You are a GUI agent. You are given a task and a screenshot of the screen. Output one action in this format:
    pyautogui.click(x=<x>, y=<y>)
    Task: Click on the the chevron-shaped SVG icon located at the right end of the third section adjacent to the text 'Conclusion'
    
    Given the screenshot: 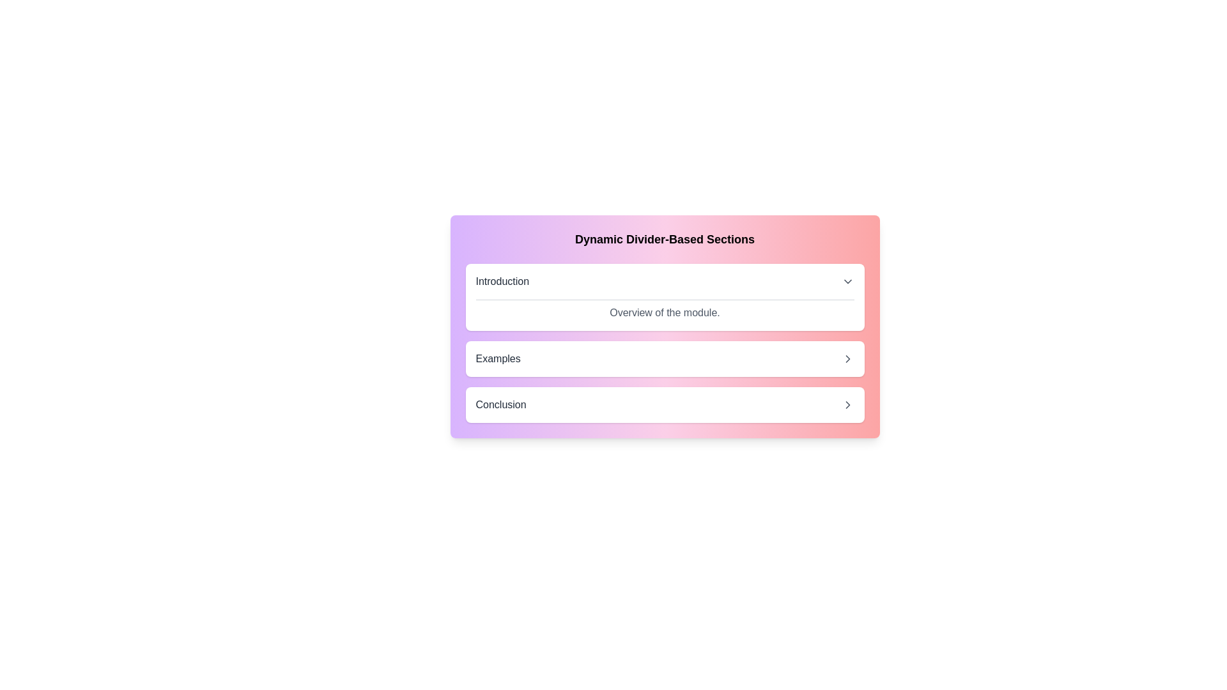 What is the action you would take?
    pyautogui.click(x=847, y=404)
    